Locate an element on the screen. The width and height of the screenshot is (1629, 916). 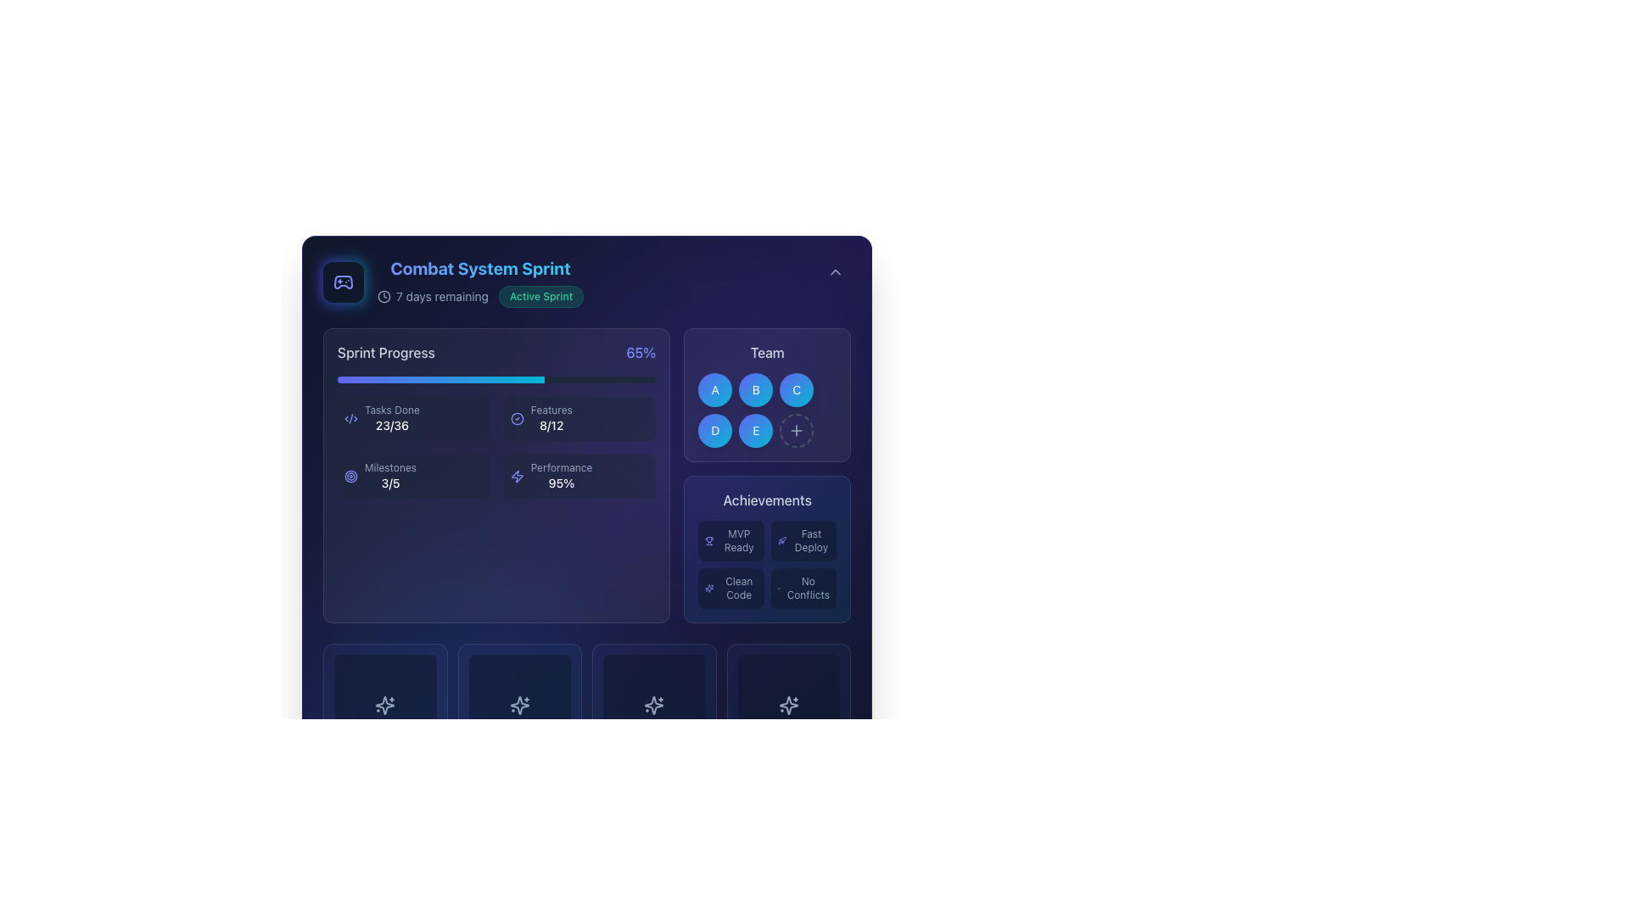
the 'Fast Deploy' text label in the 'Achievements' section, which is styled in light slate-gray color and located in the second row, second column is located at coordinates (810, 540).